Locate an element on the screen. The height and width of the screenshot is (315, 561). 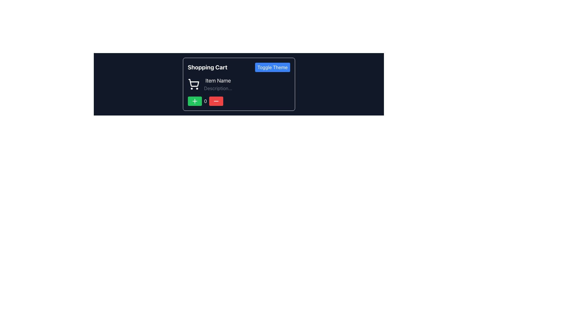
the static header text label that indicates the purpose or context of the content, positioned to the left of the 'Toggle Theme' button in the header section is located at coordinates (207, 67).